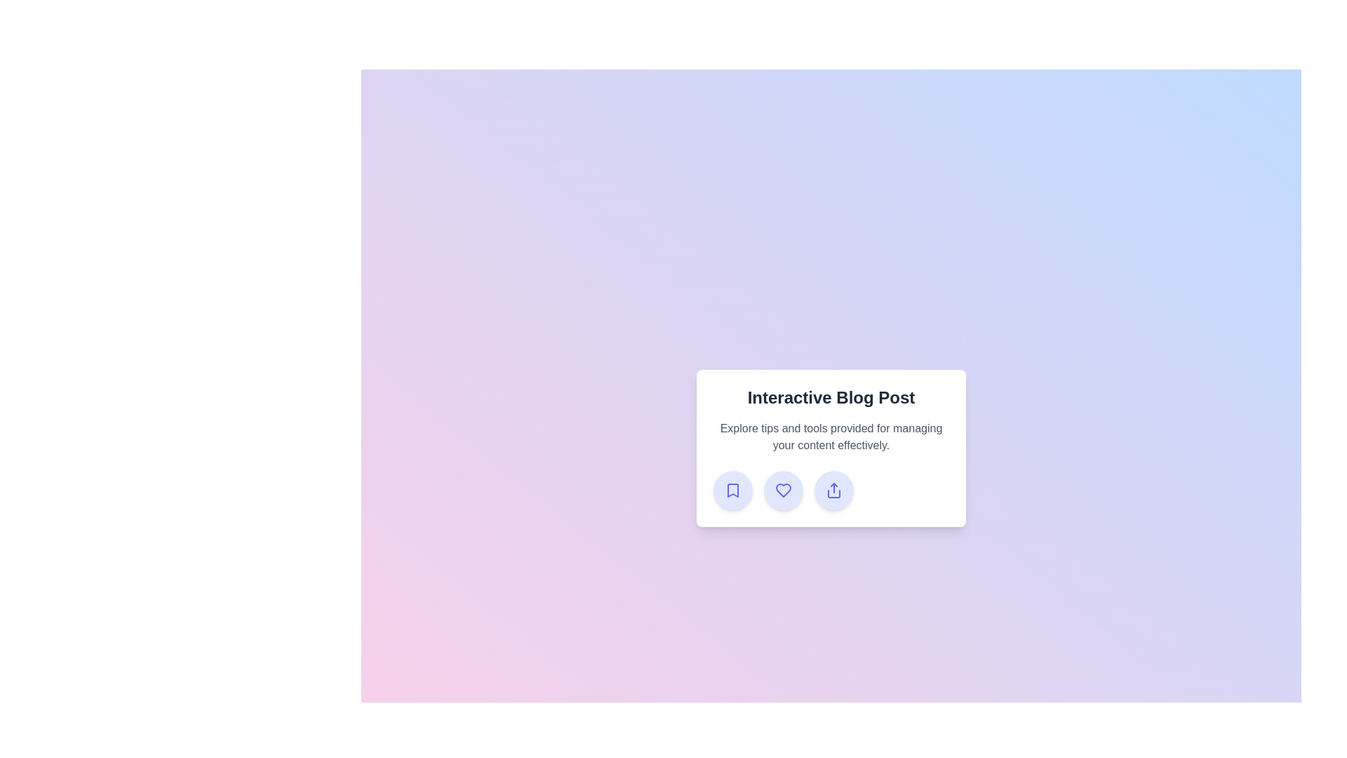  What do you see at coordinates (732, 489) in the screenshot?
I see `the circular icon button with a bookmark symbol inside, which is the leftmost icon in a horizontal row of three icons` at bounding box center [732, 489].